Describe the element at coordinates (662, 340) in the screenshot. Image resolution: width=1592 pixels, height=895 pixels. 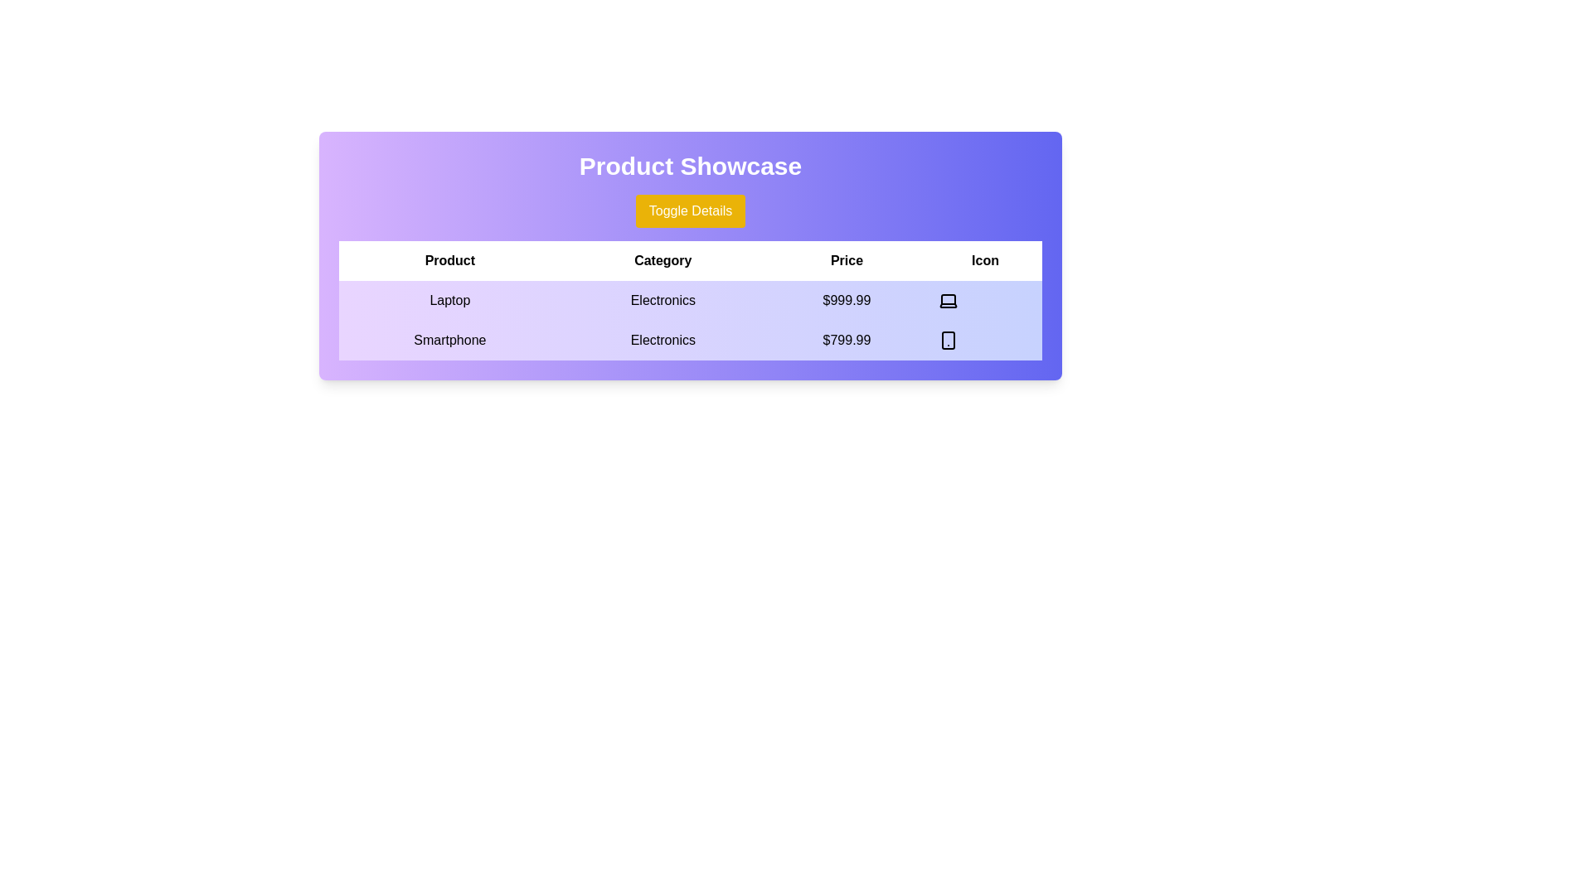
I see `the 'Electronics' text label, which is centrally aligned in the second row of a table-like layout under the 'Category' column header` at that location.